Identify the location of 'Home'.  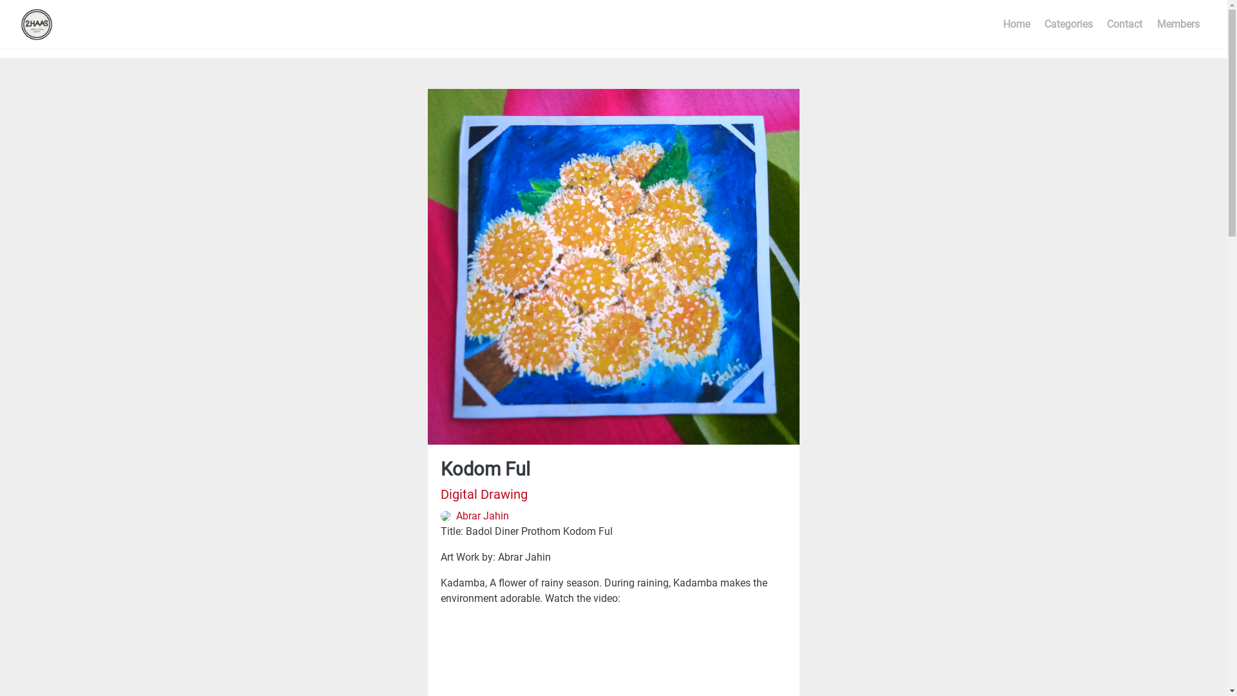
(995, 24).